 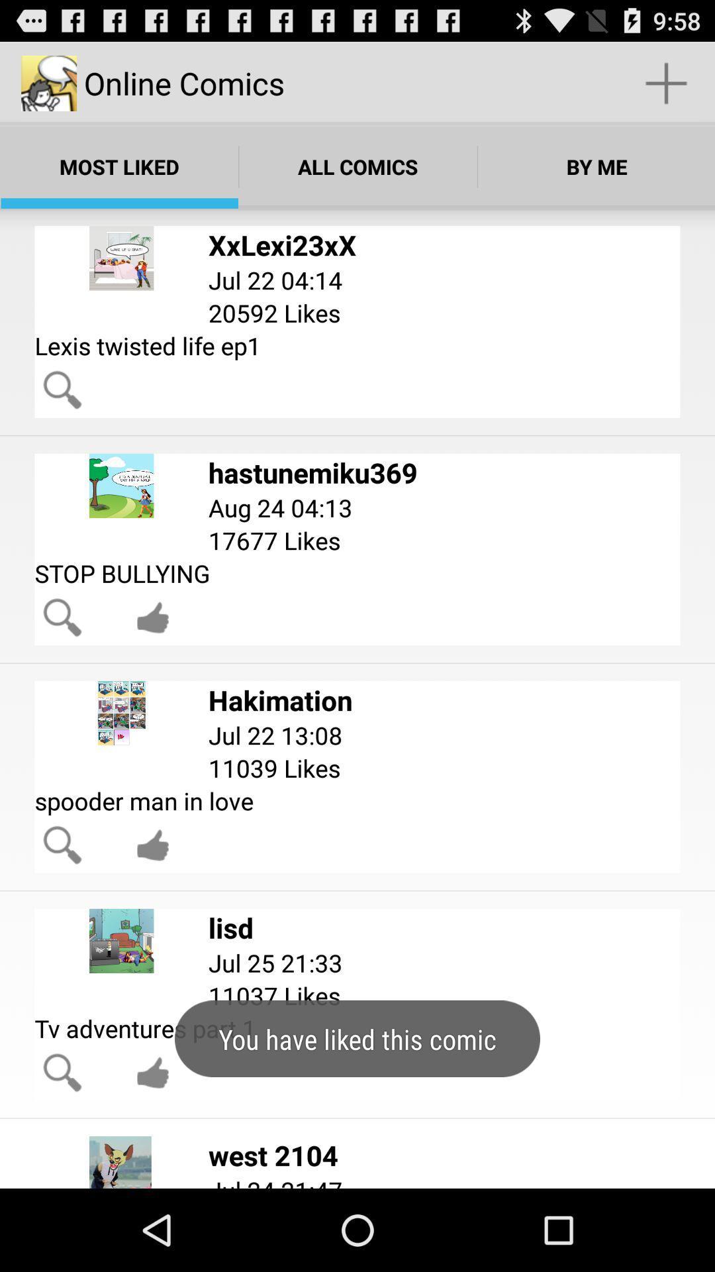 What do you see at coordinates (62, 389) in the screenshot?
I see `expand view` at bounding box center [62, 389].